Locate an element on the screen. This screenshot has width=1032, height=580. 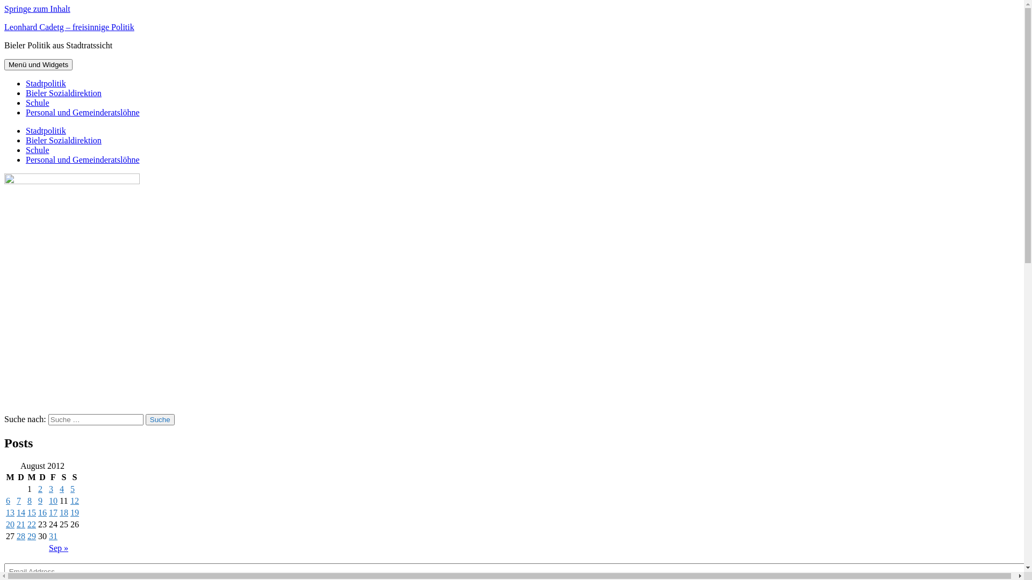
'18' is located at coordinates (63, 512).